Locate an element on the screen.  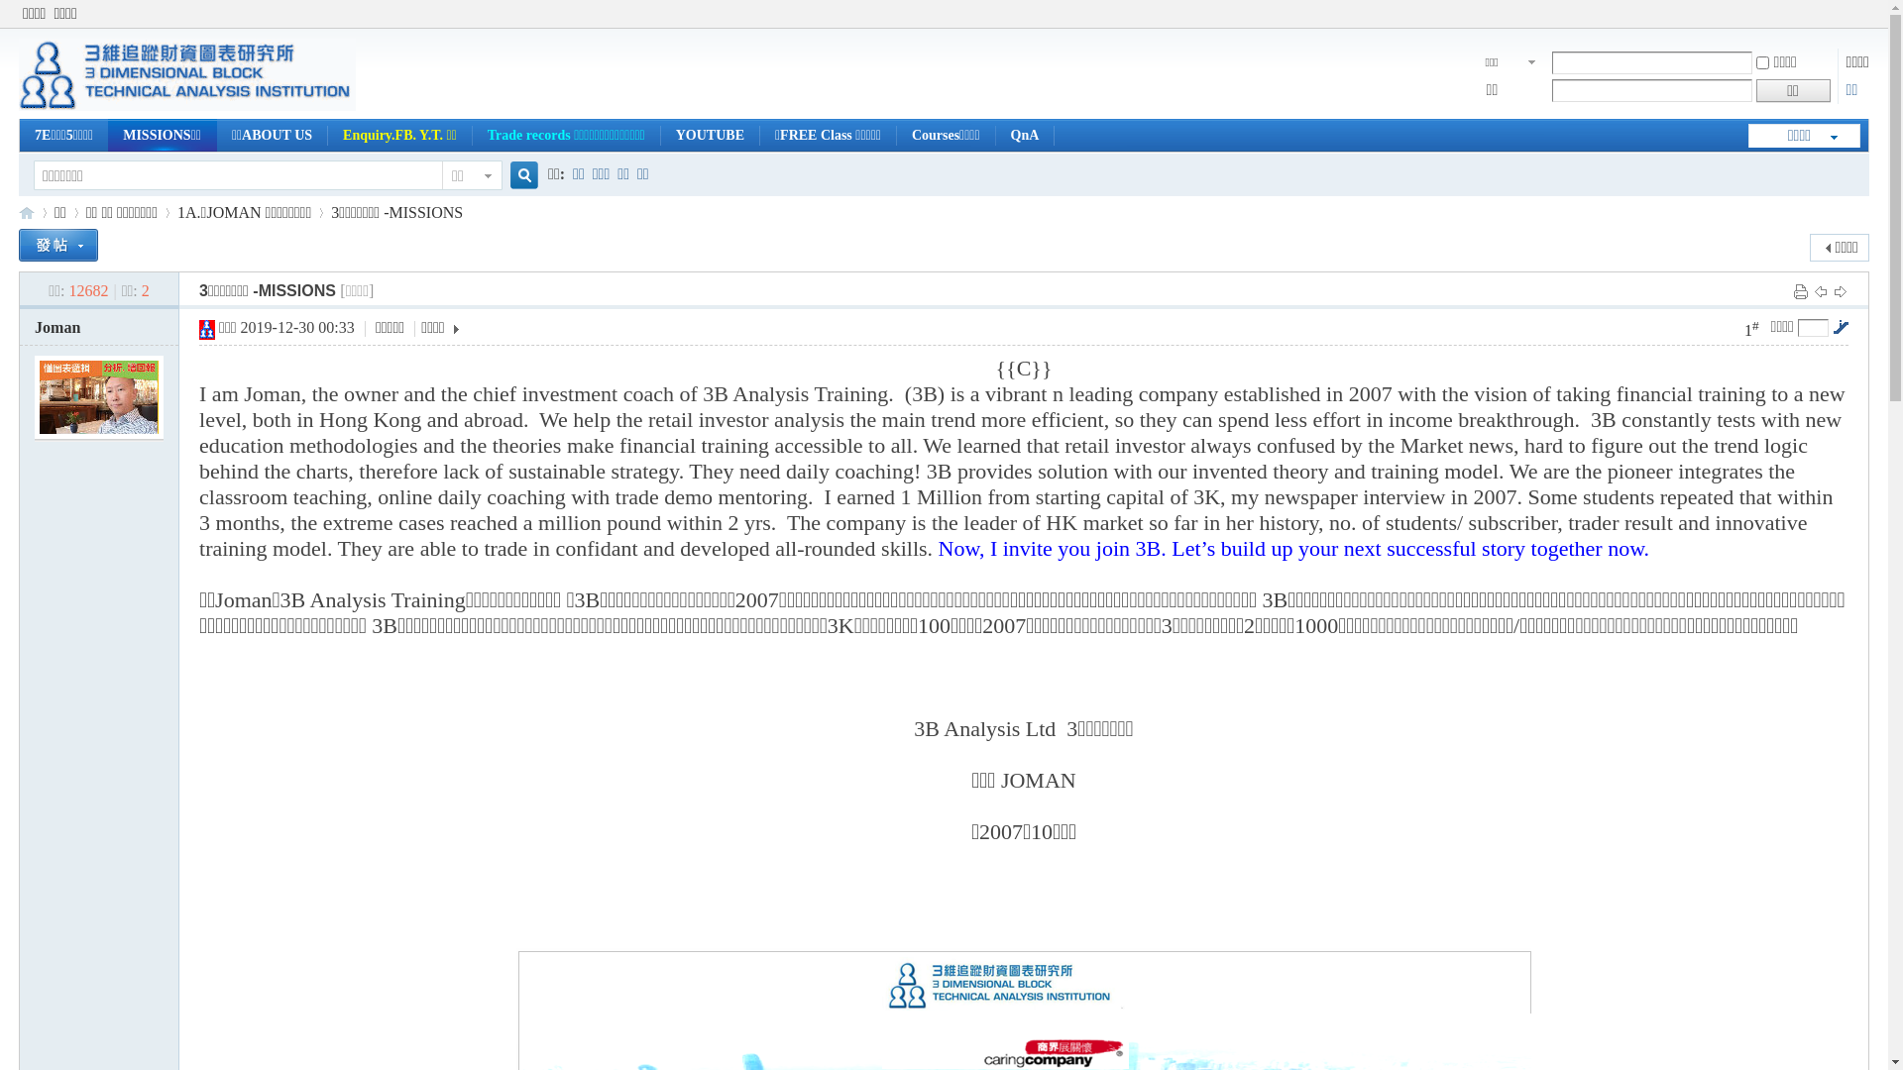
'Joman' is located at coordinates (34, 326).